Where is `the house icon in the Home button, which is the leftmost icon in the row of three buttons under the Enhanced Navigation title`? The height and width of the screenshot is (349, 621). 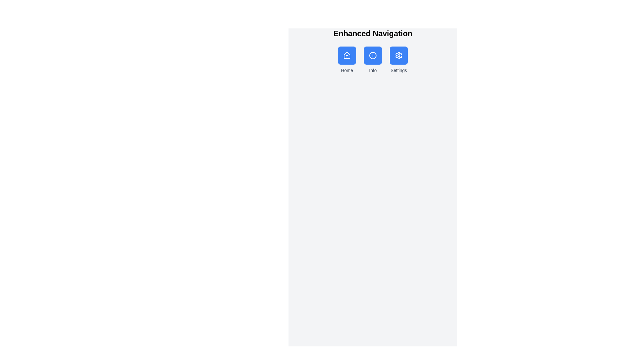 the house icon in the Home button, which is the leftmost icon in the row of three buttons under the Enhanced Navigation title is located at coordinates (347, 55).